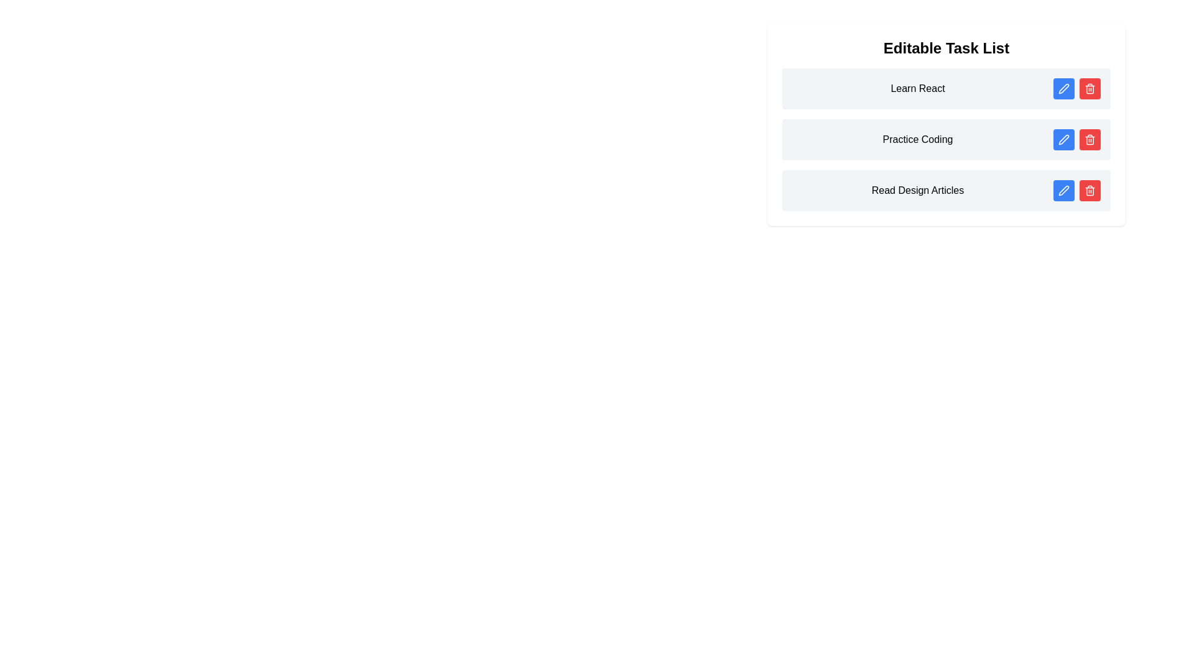  Describe the element at coordinates (945, 88) in the screenshot. I see `task's name 'Learn React' from the topmost entry in the vertical task list, which includes action buttons for editing or deleting the task` at that location.